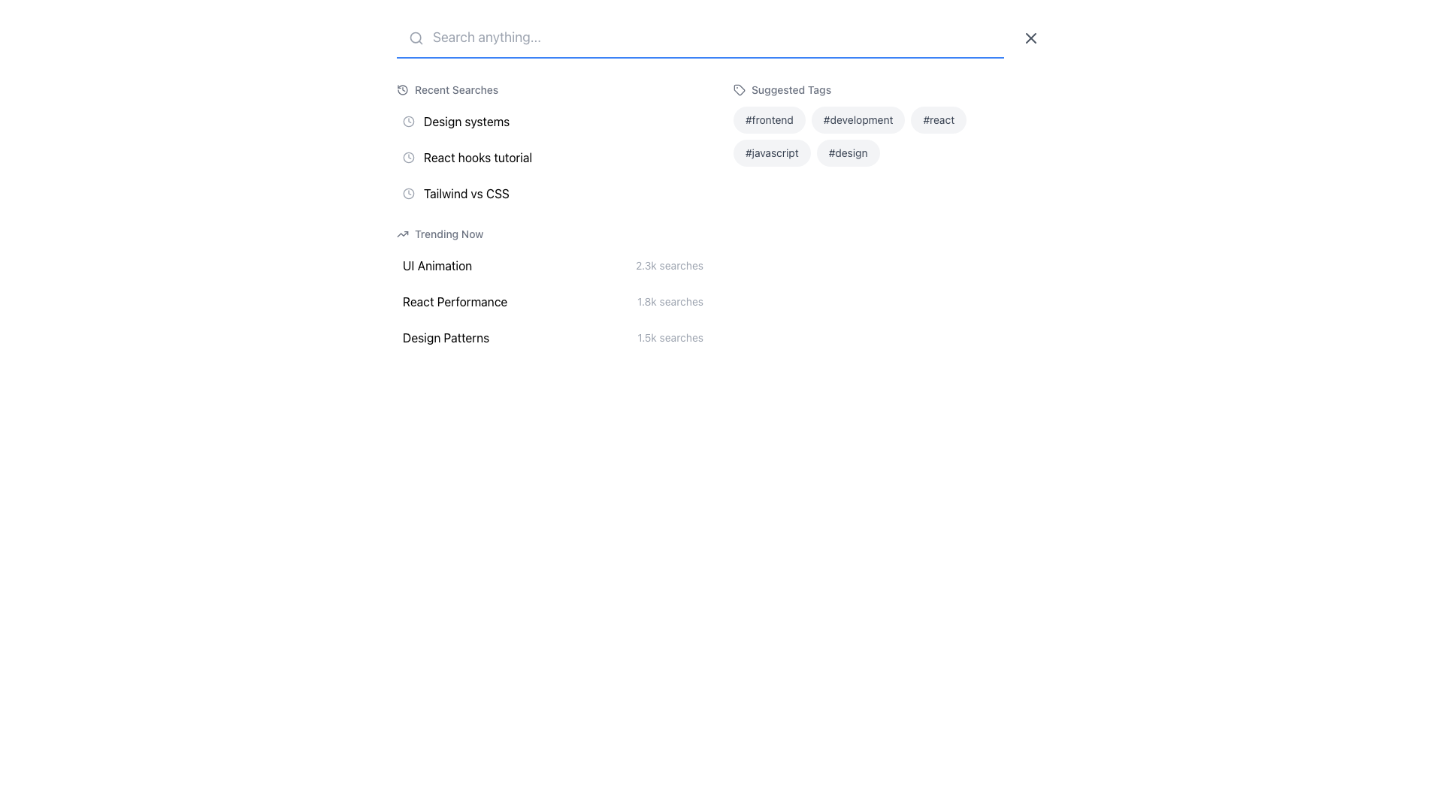 The width and height of the screenshot is (1443, 811). Describe the element at coordinates (552, 193) in the screenshot. I see `the clickable button in the 'Recent Searches' section related to 'Tailwind vs CSS' for navigation` at that location.